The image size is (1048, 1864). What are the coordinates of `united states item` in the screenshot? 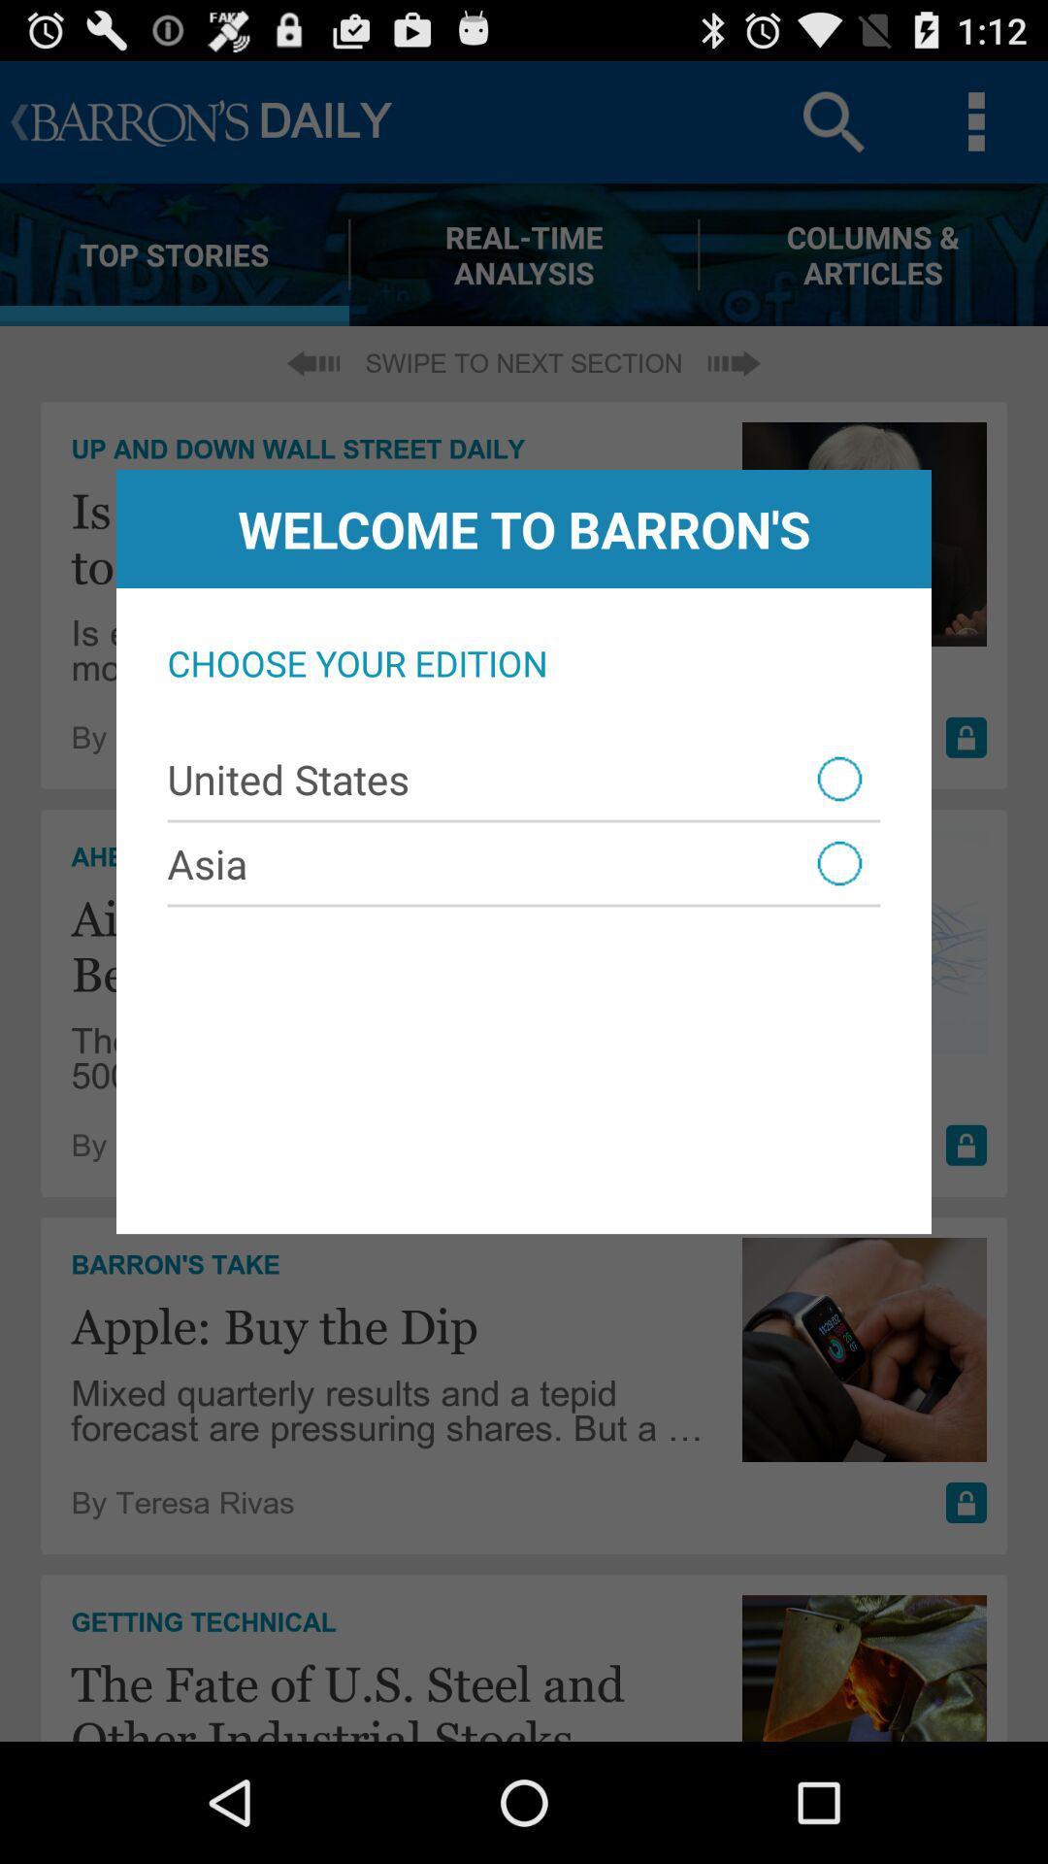 It's located at (524, 779).